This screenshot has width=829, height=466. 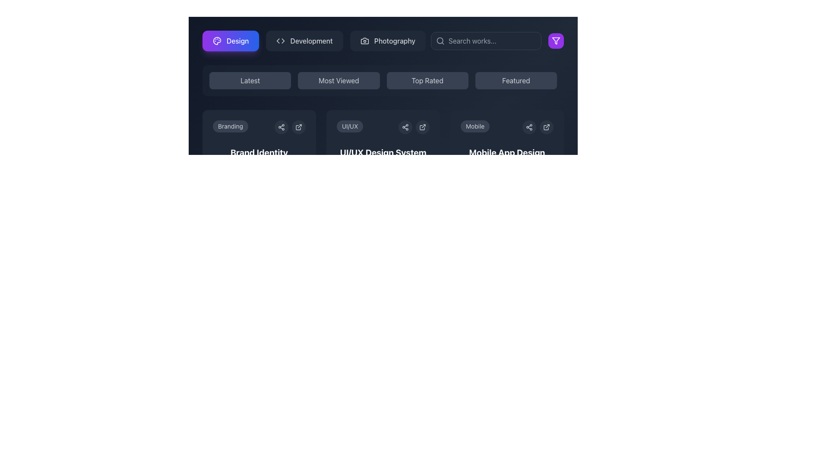 What do you see at coordinates (259, 152) in the screenshot?
I see `text from the 'Brand Identity' label, which is displayed in a bold, large font with a color transition effect on hover` at bounding box center [259, 152].